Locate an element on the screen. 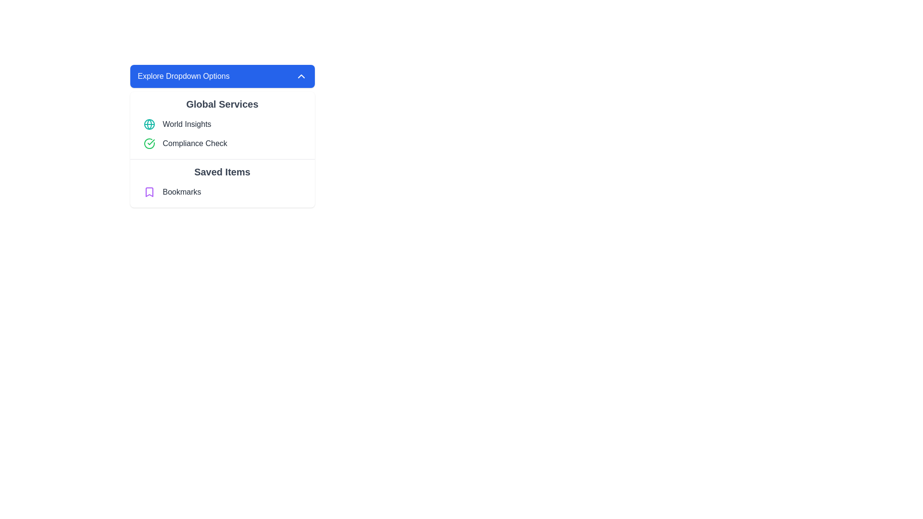 The width and height of the screenshot is (923, 519). the 'Bookmarks' icon located in the 'Saved Items' section of the dropdown menu is located at coordinates (149, 192).